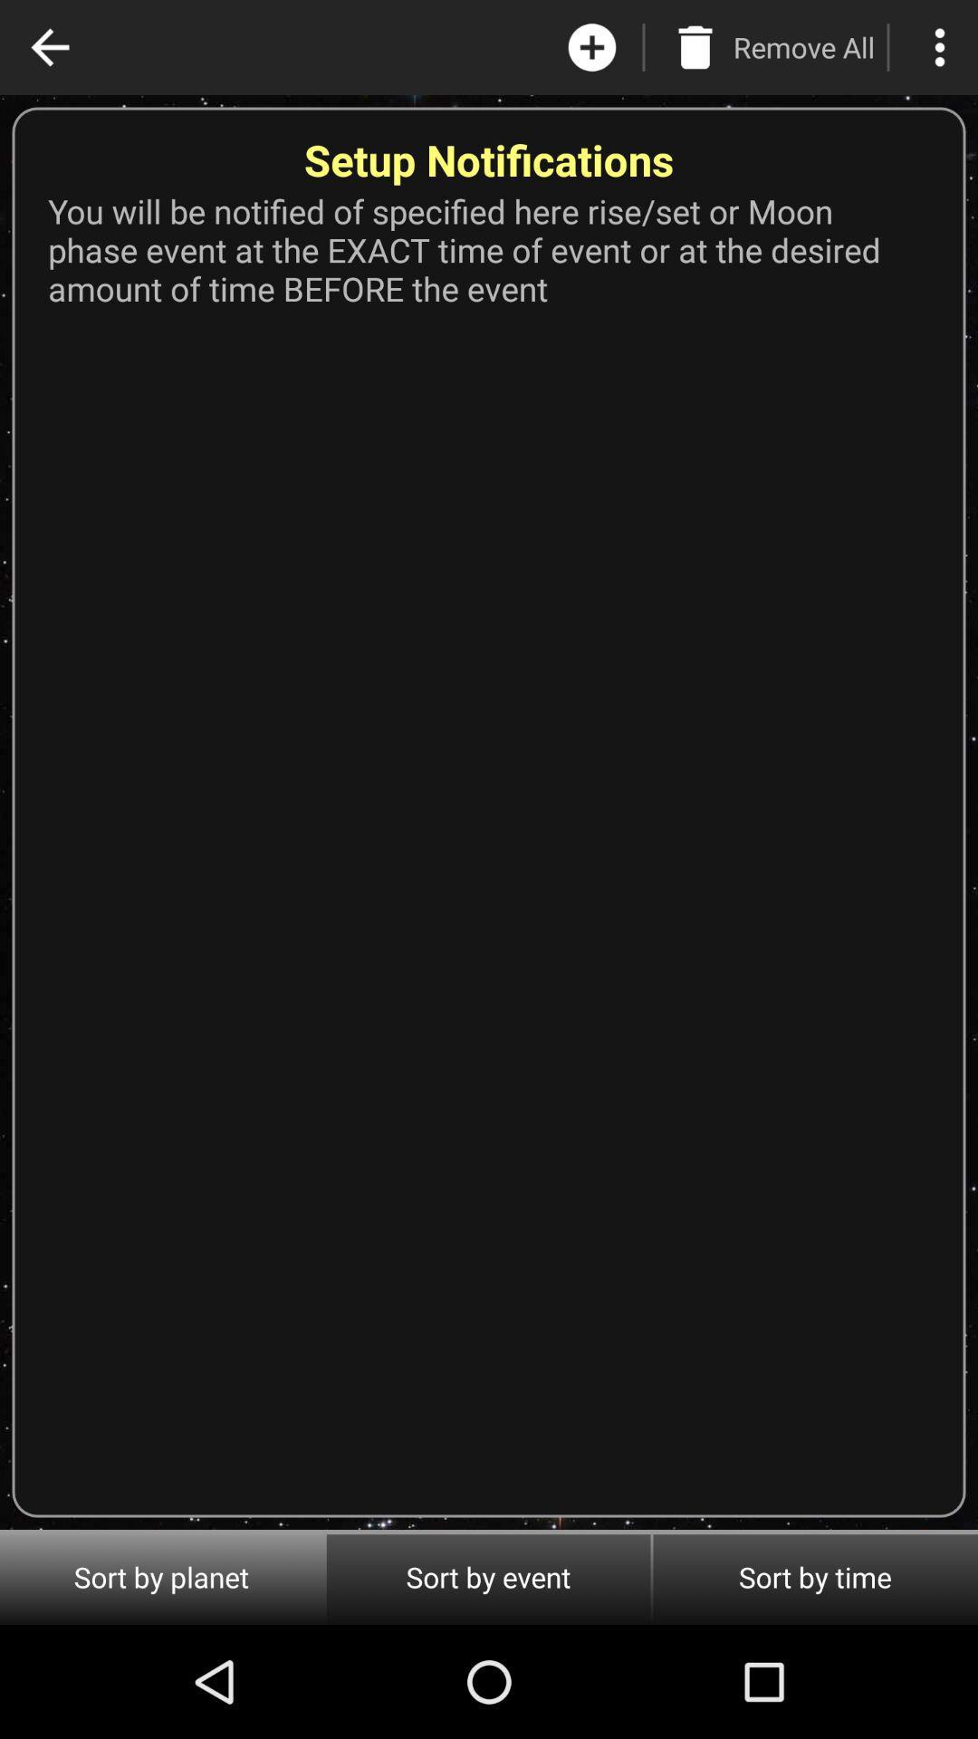 This screenshot has width=978, height=1739. Describe the element at coordinates (49, 47) in the screenshot. I see `go back` at that location.